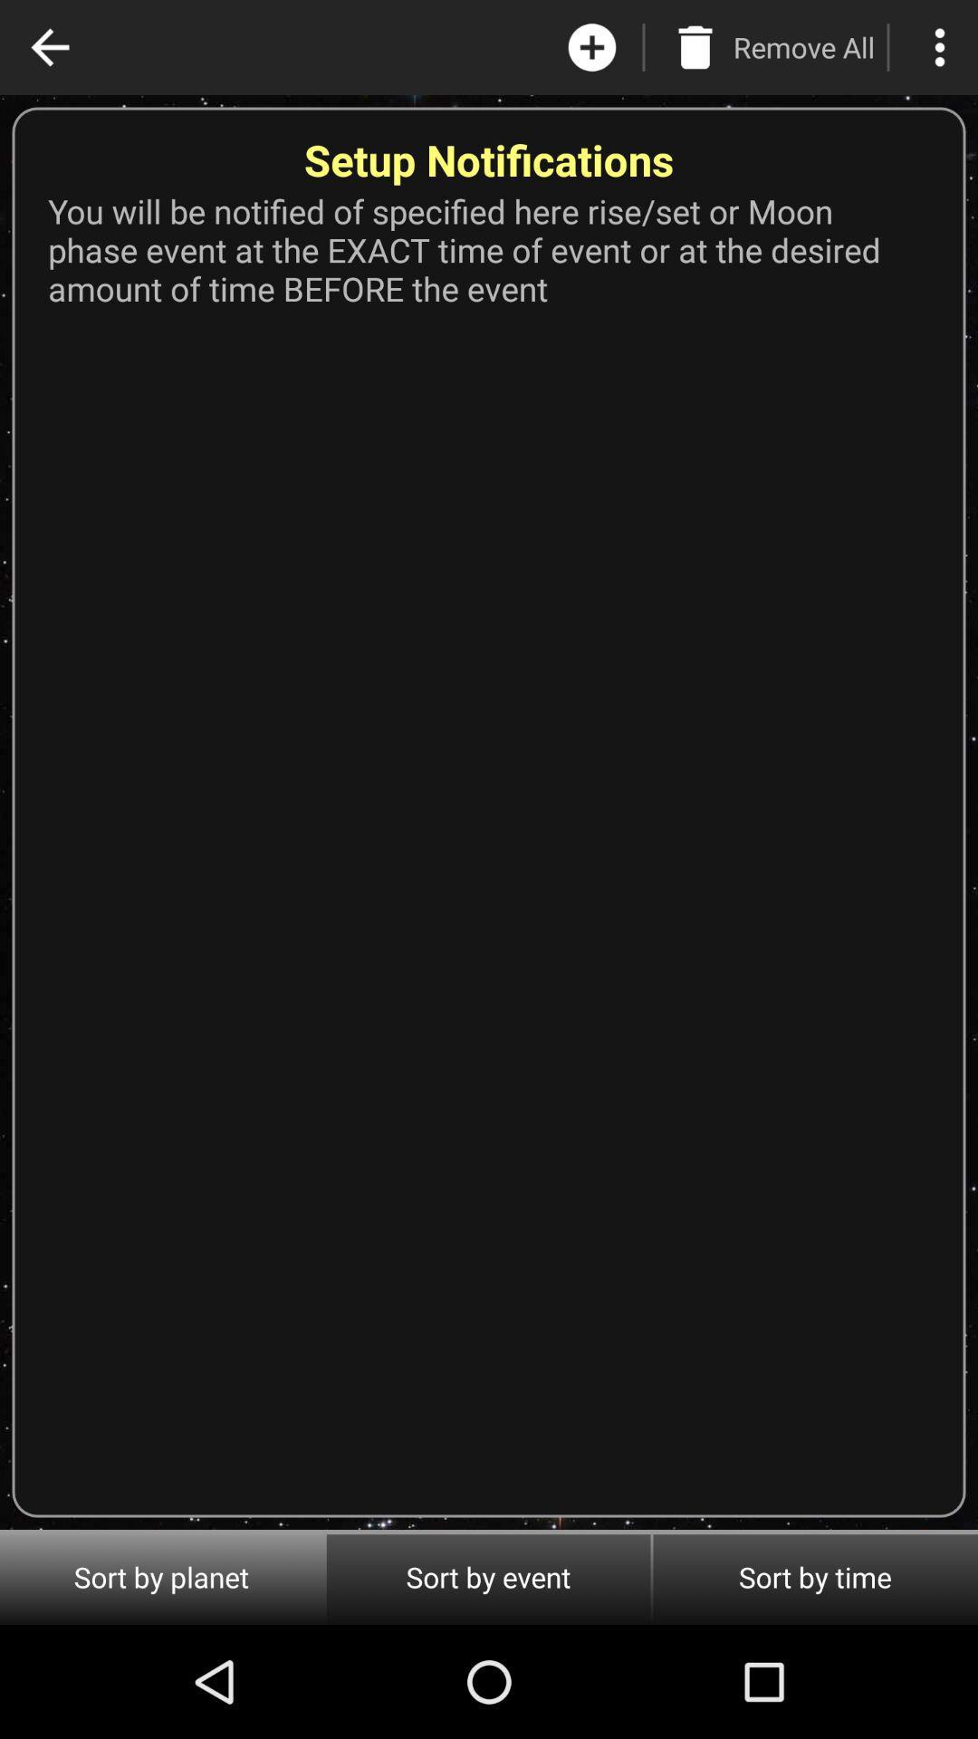 This screenshot has width=978, height=1739. Describe the element at coordinates (49, 47) in the screenshot. I see `go back` at that location.